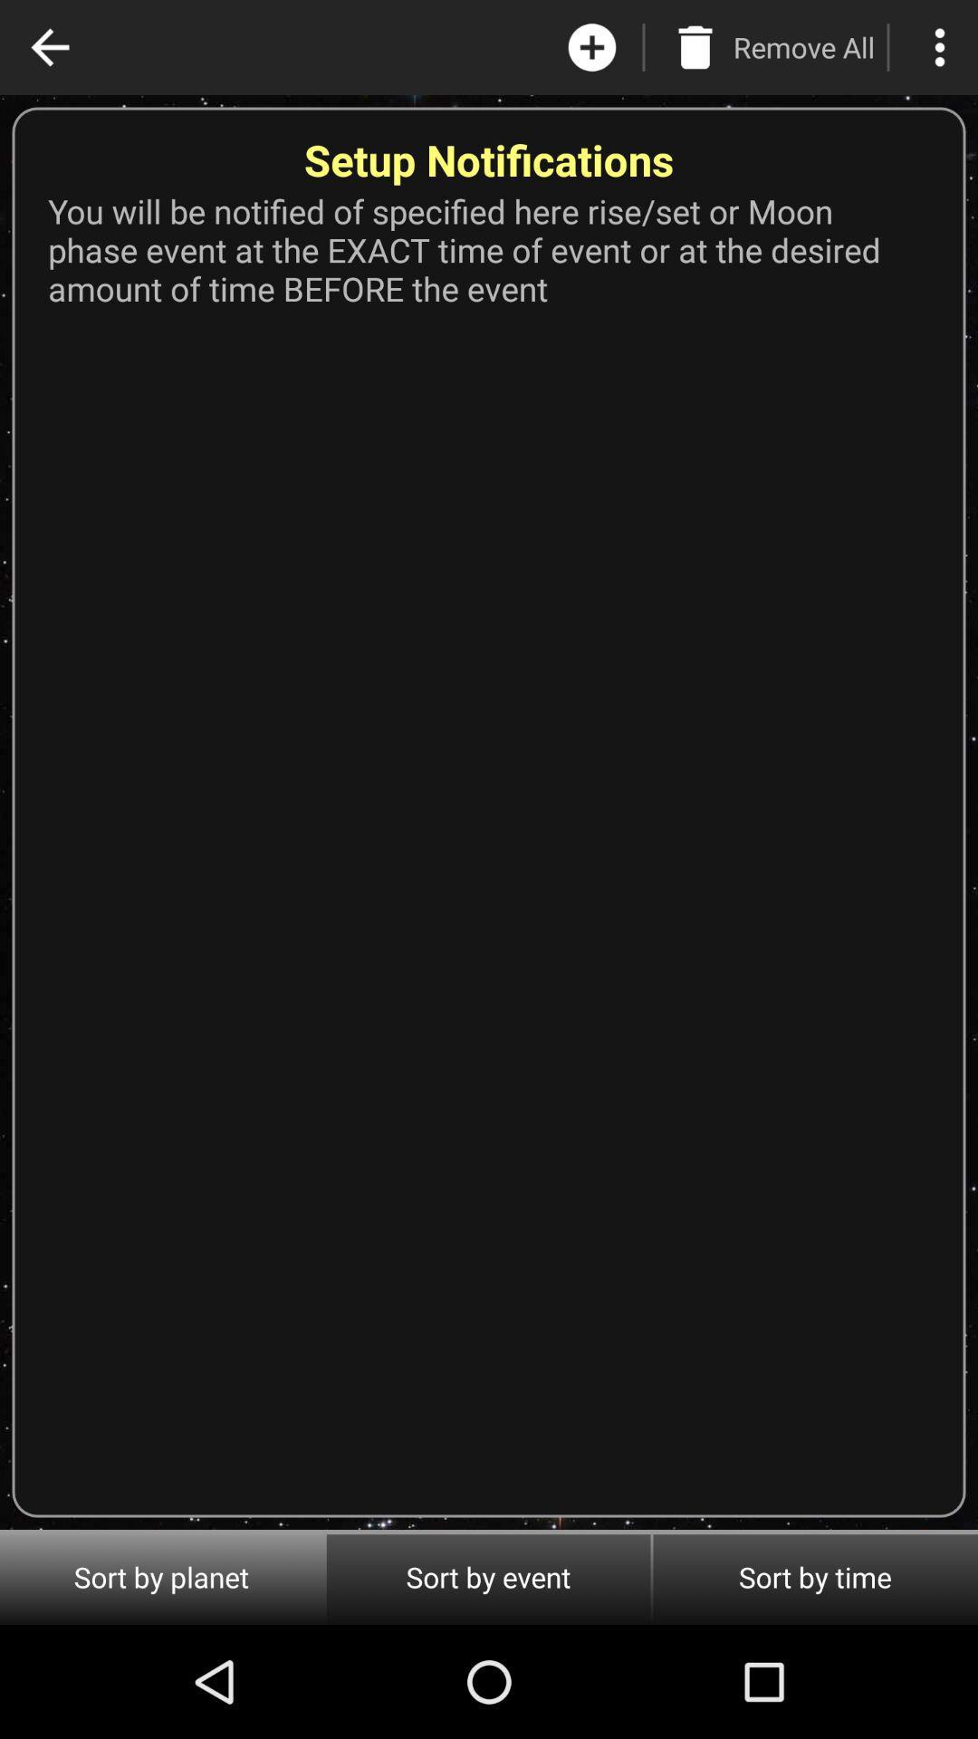 This screenshot has width=978, height=1739. Describe the element at coordinates (49, 47) in the screenshot. I see `go back` at that location.